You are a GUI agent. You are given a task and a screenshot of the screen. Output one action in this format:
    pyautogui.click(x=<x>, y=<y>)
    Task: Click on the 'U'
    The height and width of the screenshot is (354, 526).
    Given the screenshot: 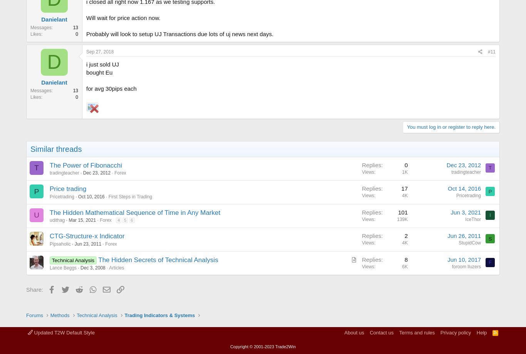 What is the action you would take?
    pyautogui.click(x=36, y=214)
    